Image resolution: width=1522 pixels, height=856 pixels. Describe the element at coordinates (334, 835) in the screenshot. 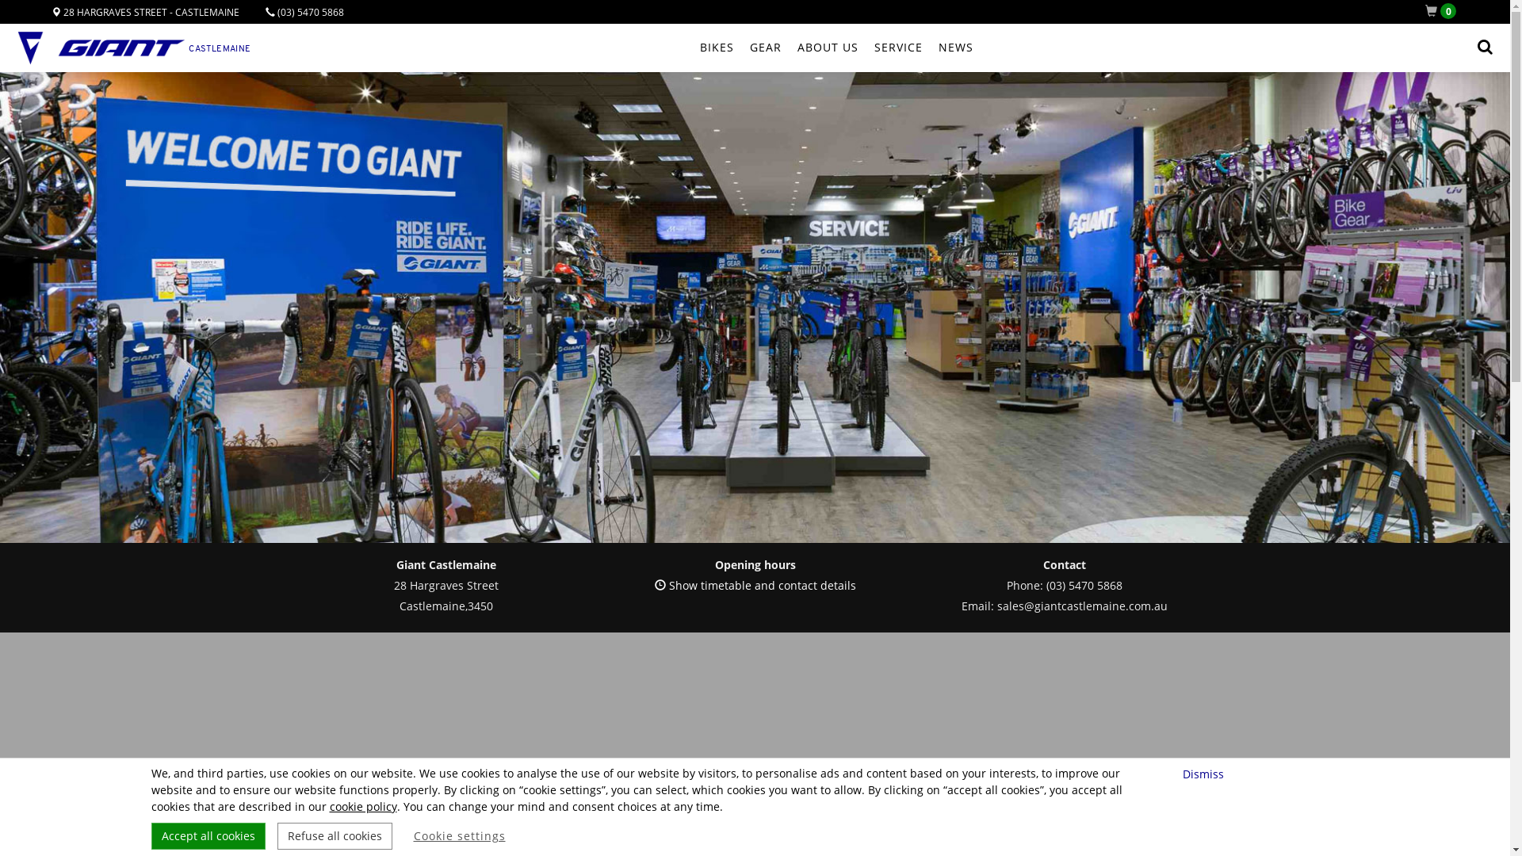

I see `'Refuse all cookies'` at that location.